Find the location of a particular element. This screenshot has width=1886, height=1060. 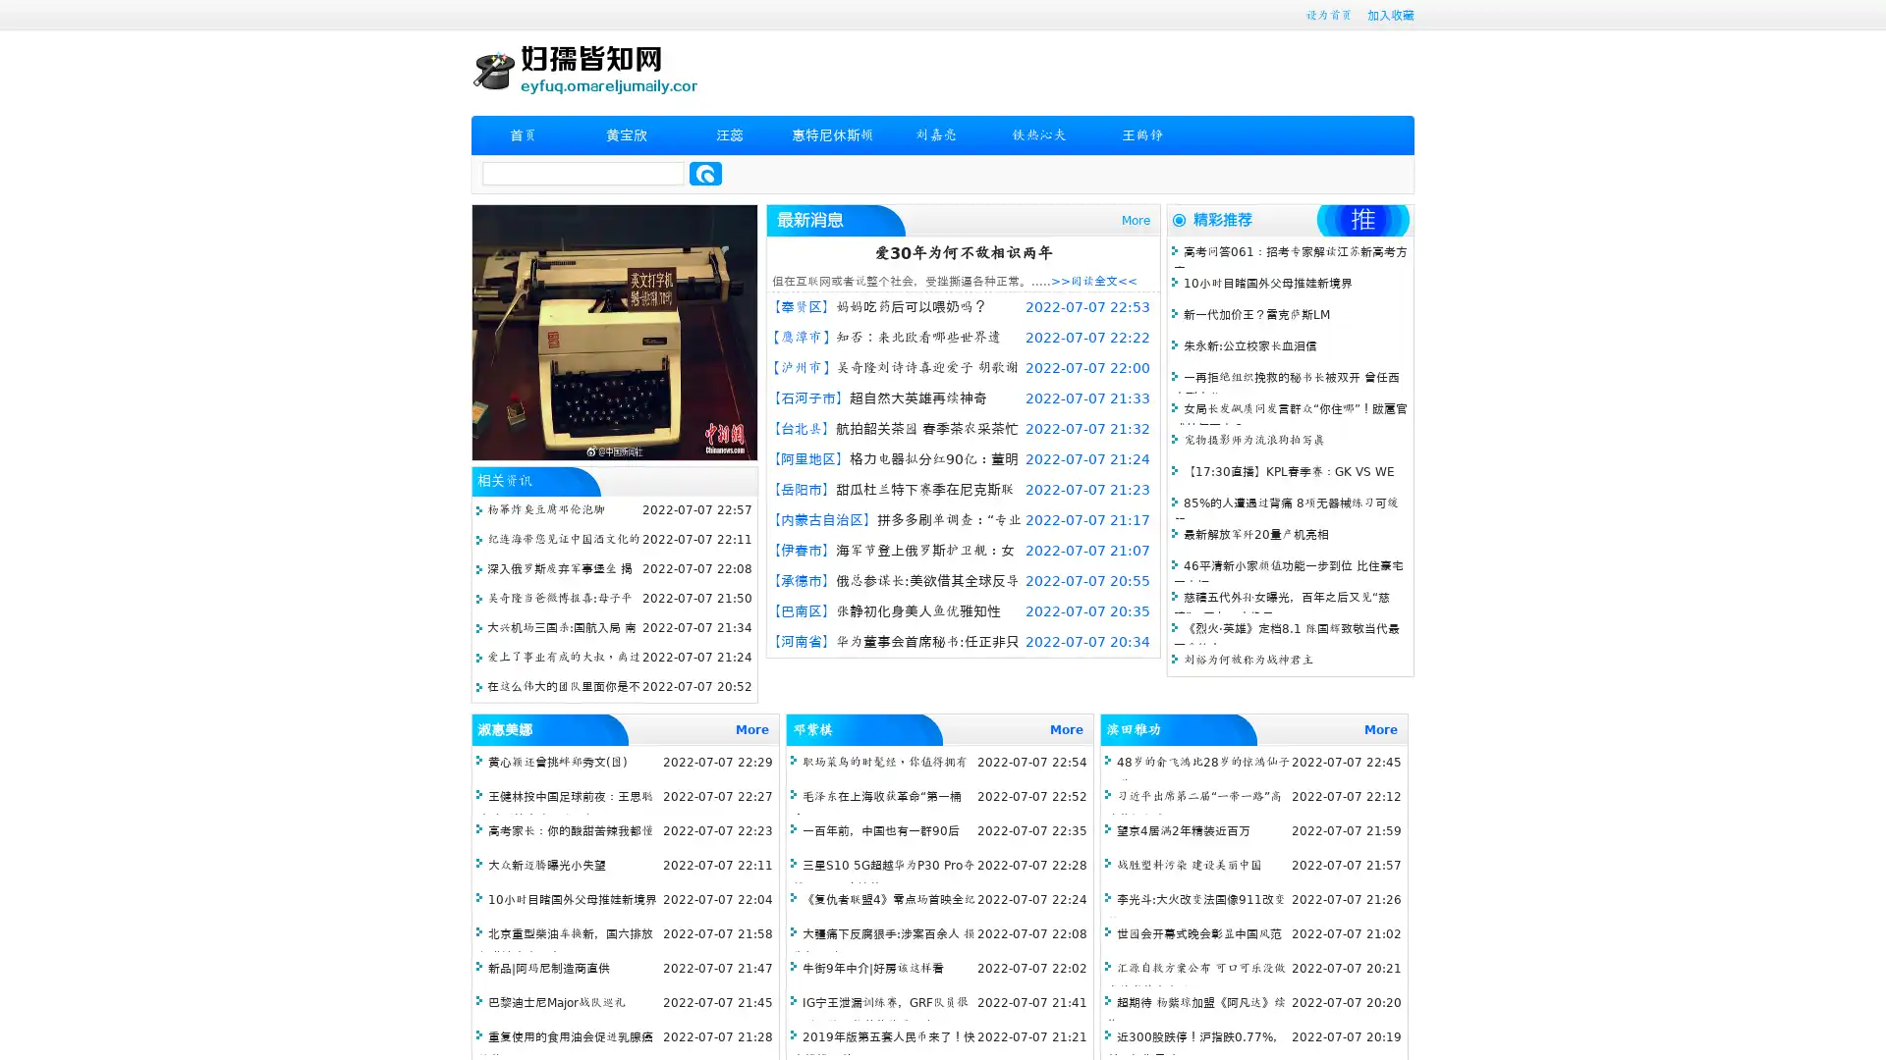

Search is located at coordinates (705, 173).